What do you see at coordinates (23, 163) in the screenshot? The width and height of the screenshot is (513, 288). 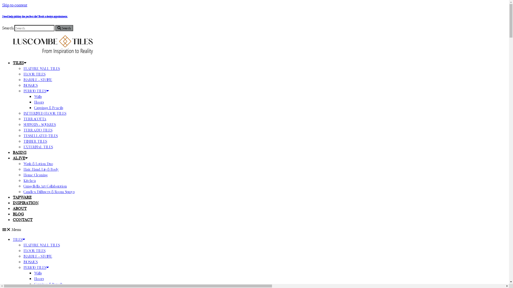 I see `'Wash & Lotion Duo'` at bounding box center [23, 163].